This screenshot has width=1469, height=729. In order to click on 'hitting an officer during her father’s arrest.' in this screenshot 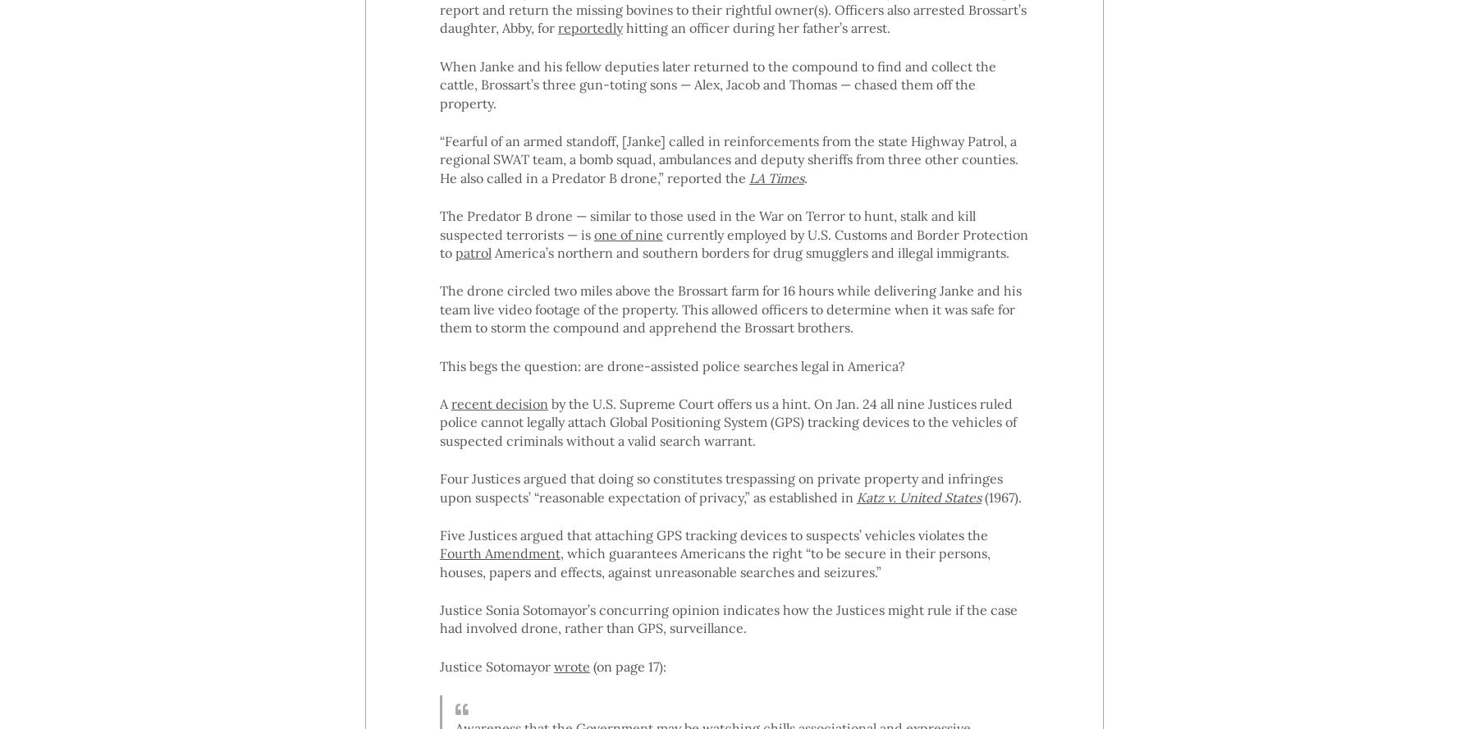, I will do `click(755, 28)`.